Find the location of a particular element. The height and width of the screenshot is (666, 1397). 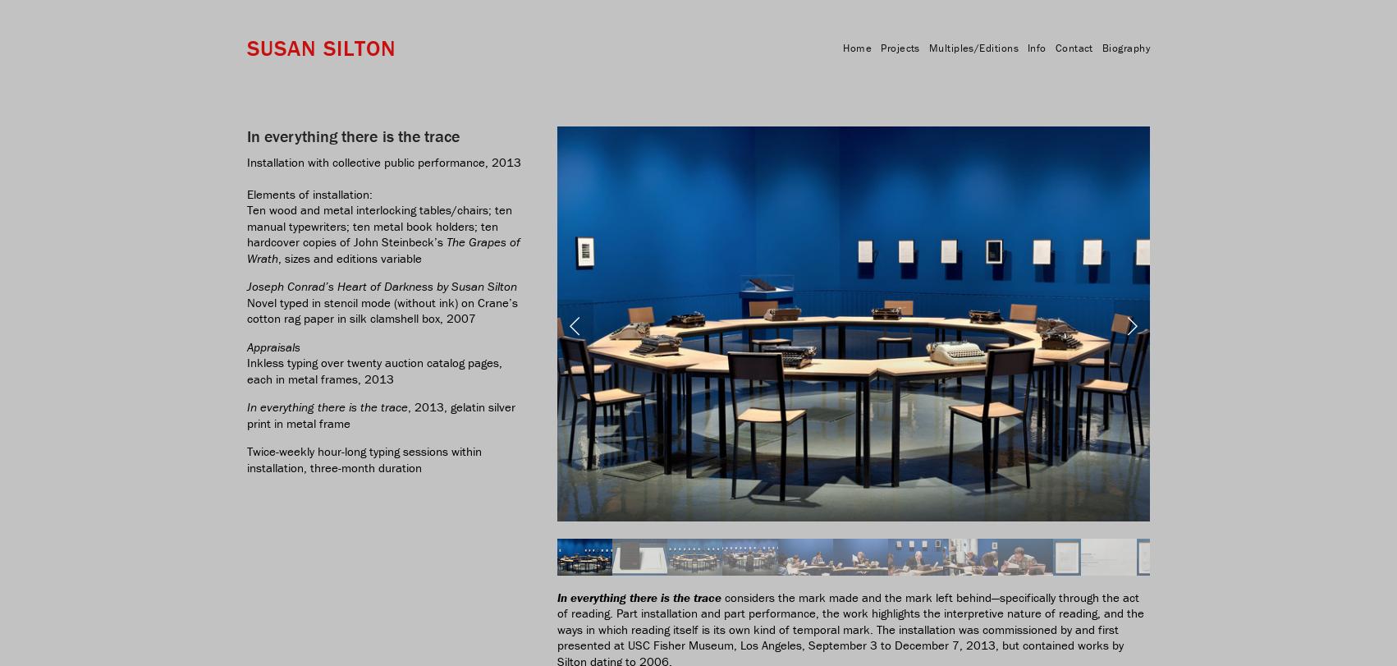

'Inkless typing over twenty auction catalog pages, each in metal frames, 2013' is located at coordinates (375, 369).